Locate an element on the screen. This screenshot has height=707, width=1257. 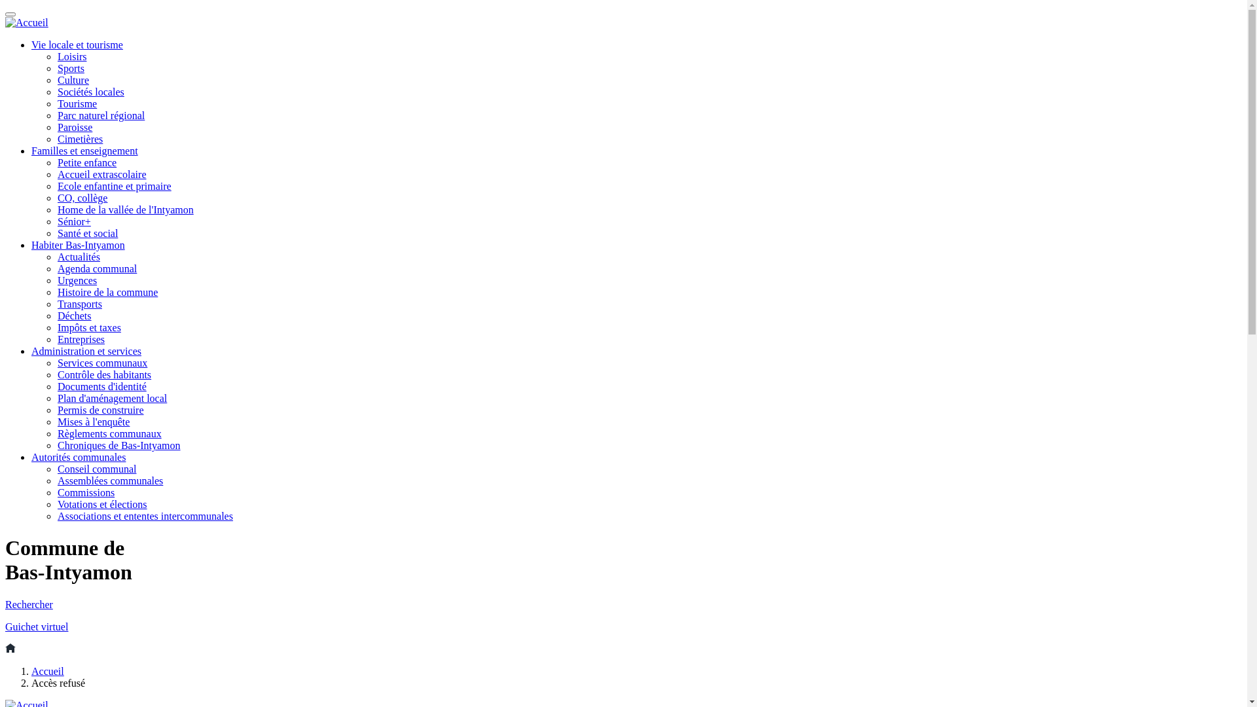
'Conseil communal' is located at coordinates (96, 468).